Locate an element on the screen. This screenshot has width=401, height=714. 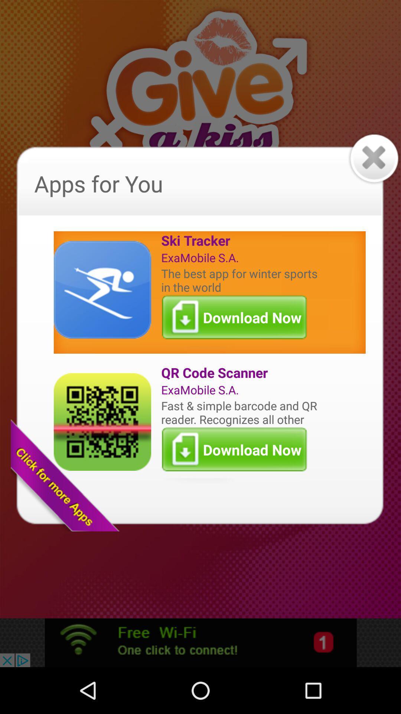
the app below examobile s.a. is located at coordinates (241, 280).